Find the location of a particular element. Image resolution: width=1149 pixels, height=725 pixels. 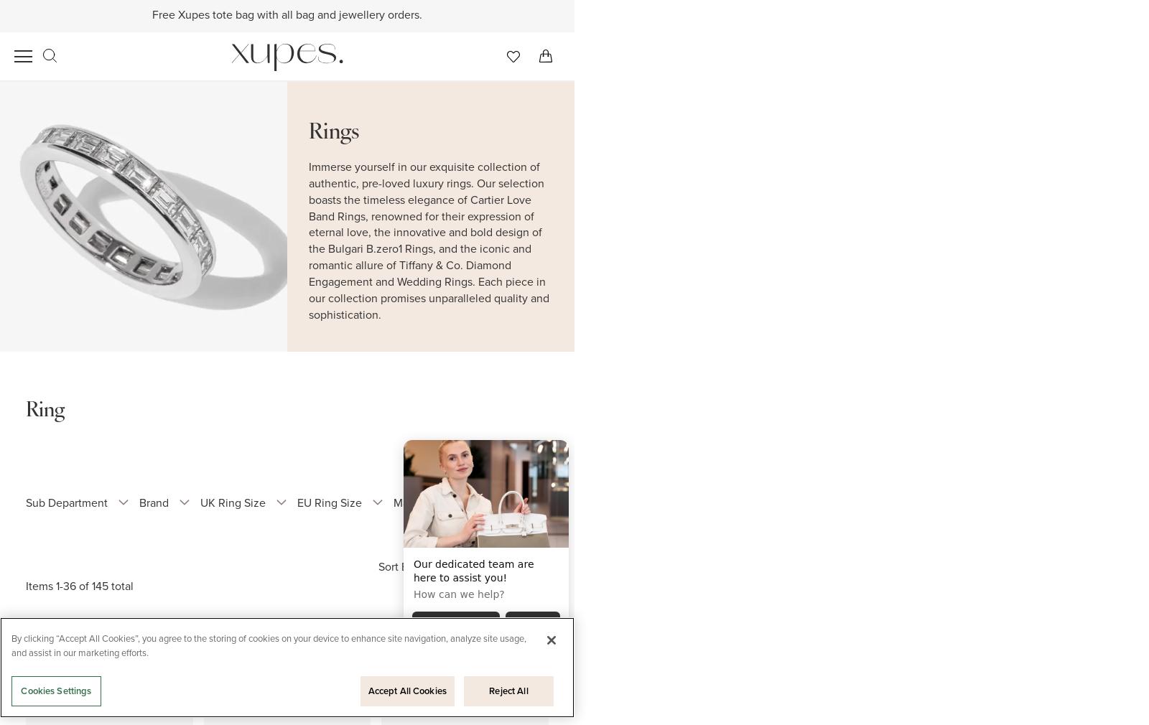

'Items' is located at coordinates (39, 586).